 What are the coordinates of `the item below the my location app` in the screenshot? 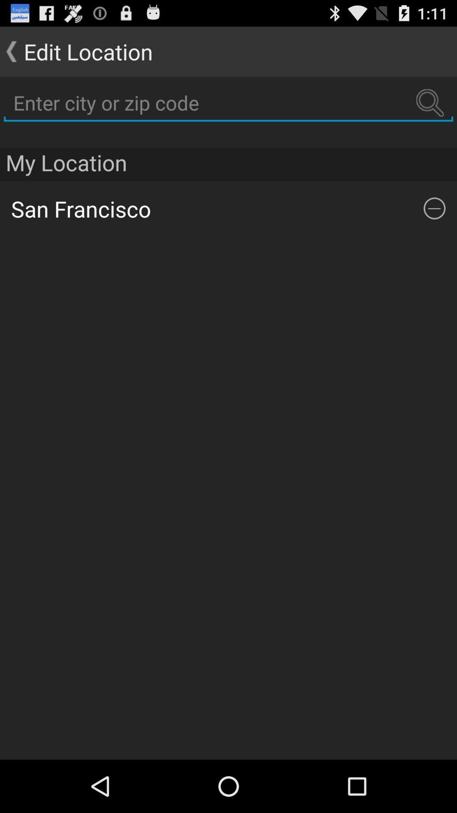 It's located at (222, 209).